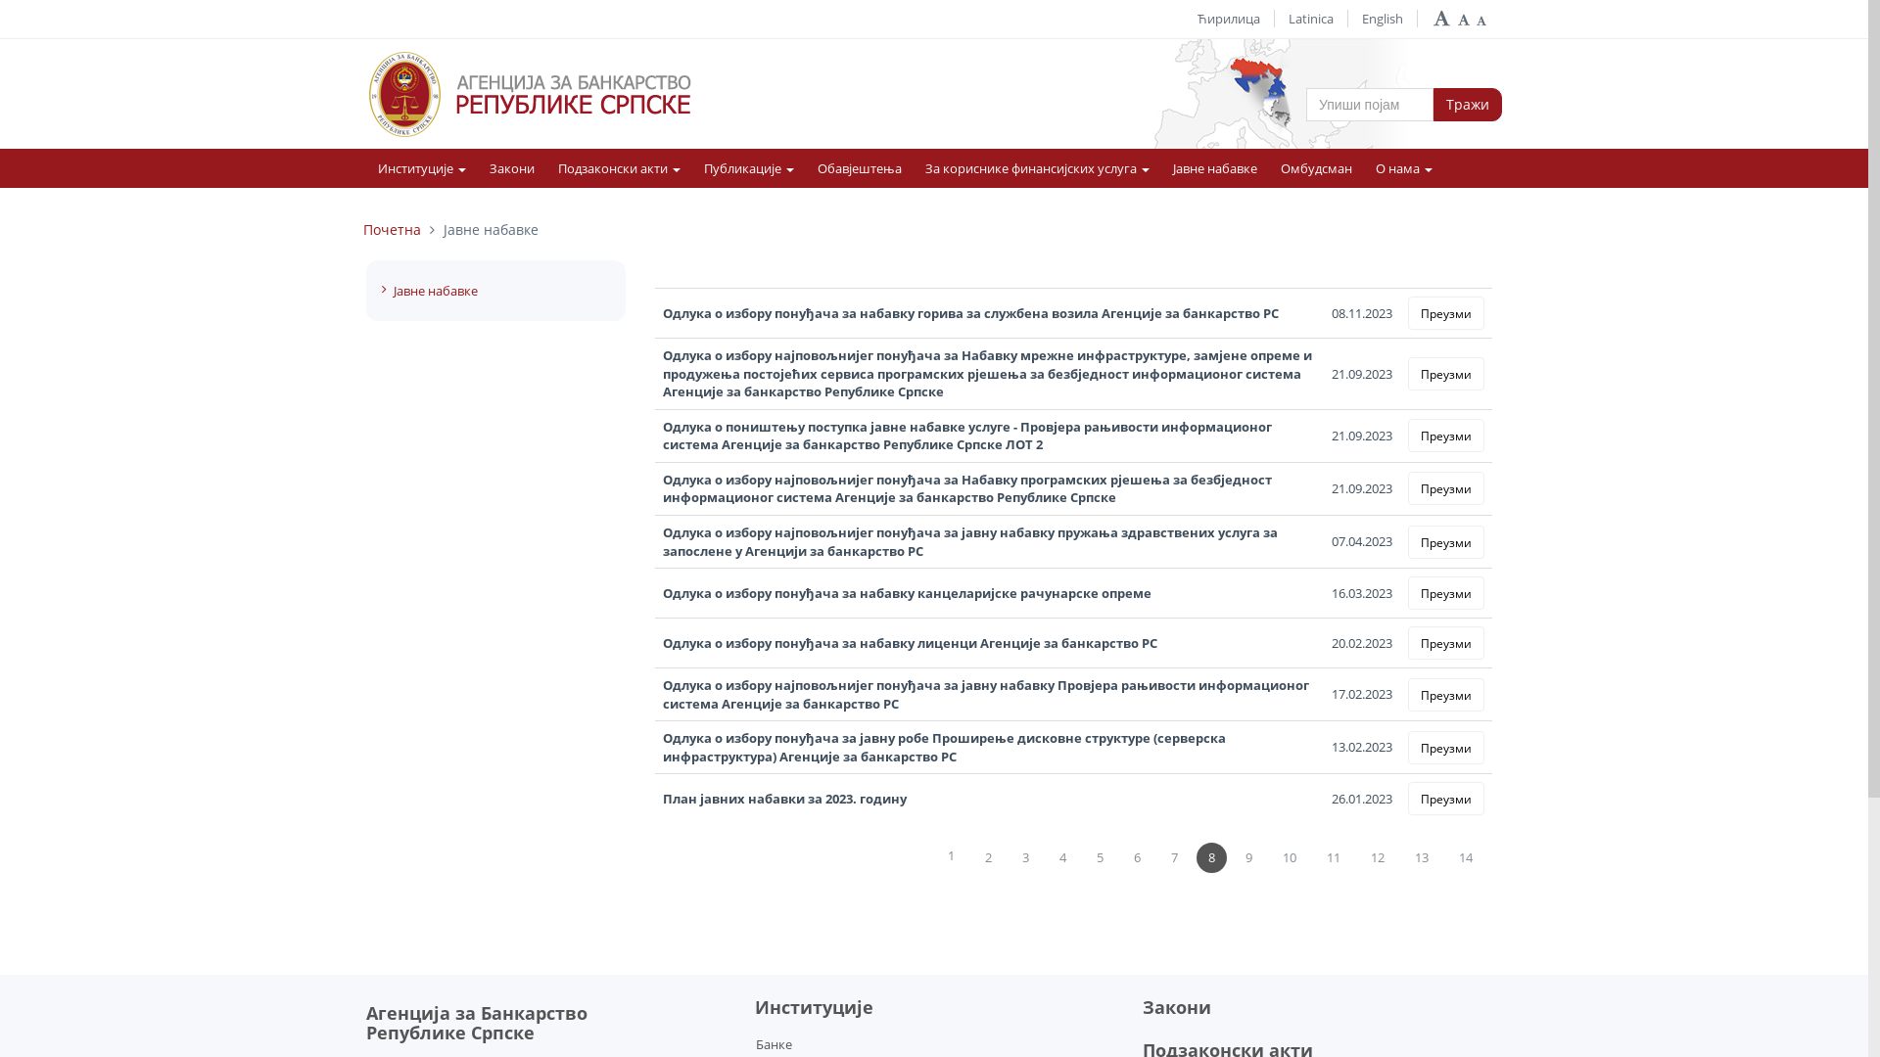 The height and width of the screenshot is (1057, 1880). I want to click on '1', so click(934, 856).